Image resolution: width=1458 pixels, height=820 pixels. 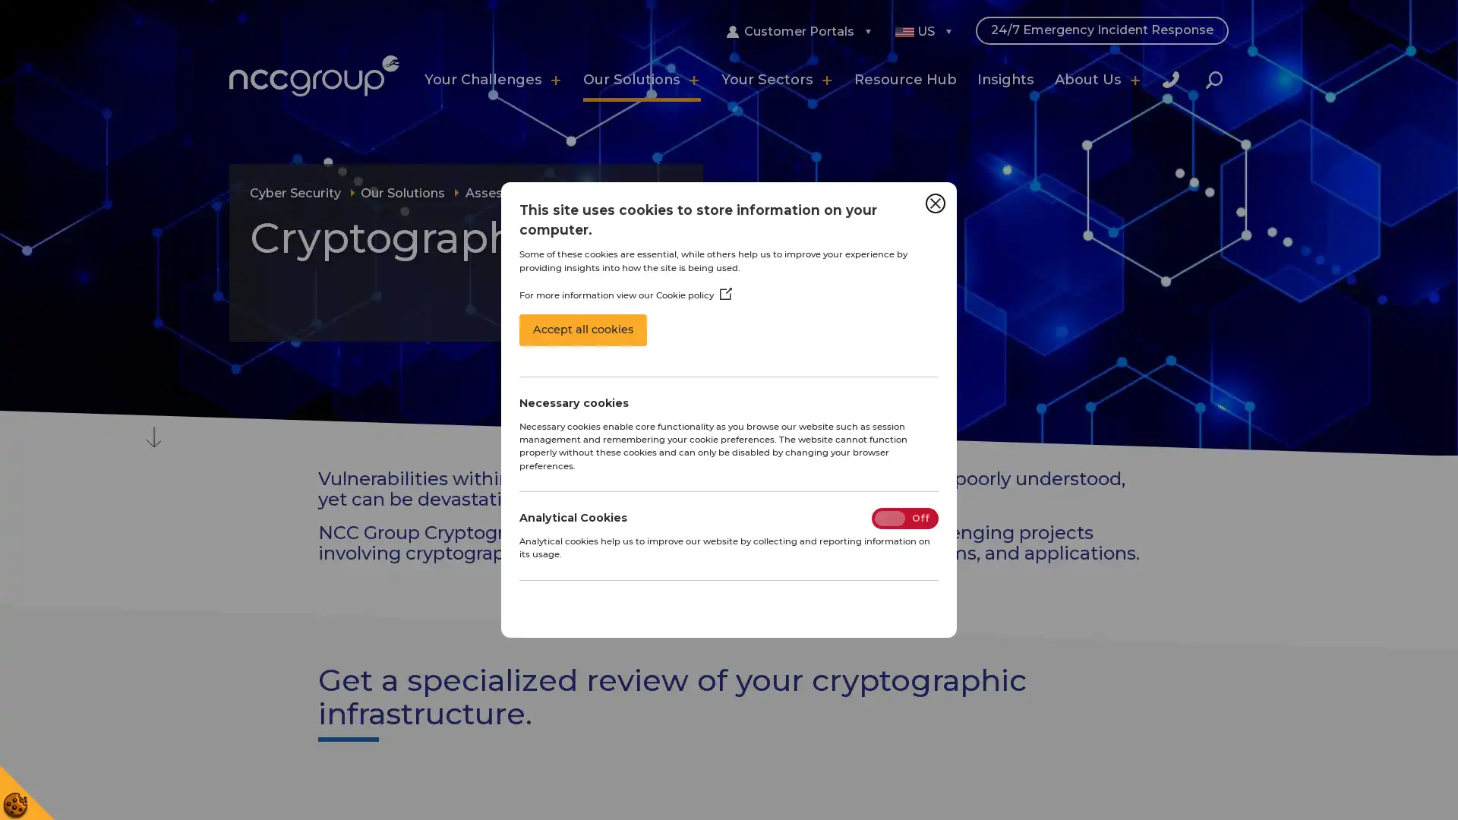 What do you see at coordinates (582, 329) in the screenshot?
I see `Accept all cookies` at bounding box center [582, 329].